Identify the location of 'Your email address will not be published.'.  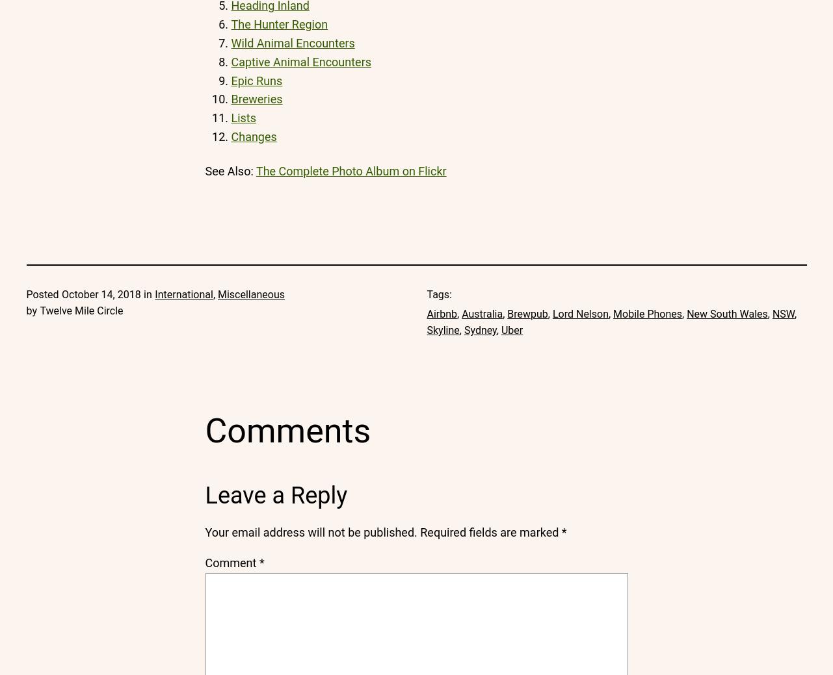
(310, 531).